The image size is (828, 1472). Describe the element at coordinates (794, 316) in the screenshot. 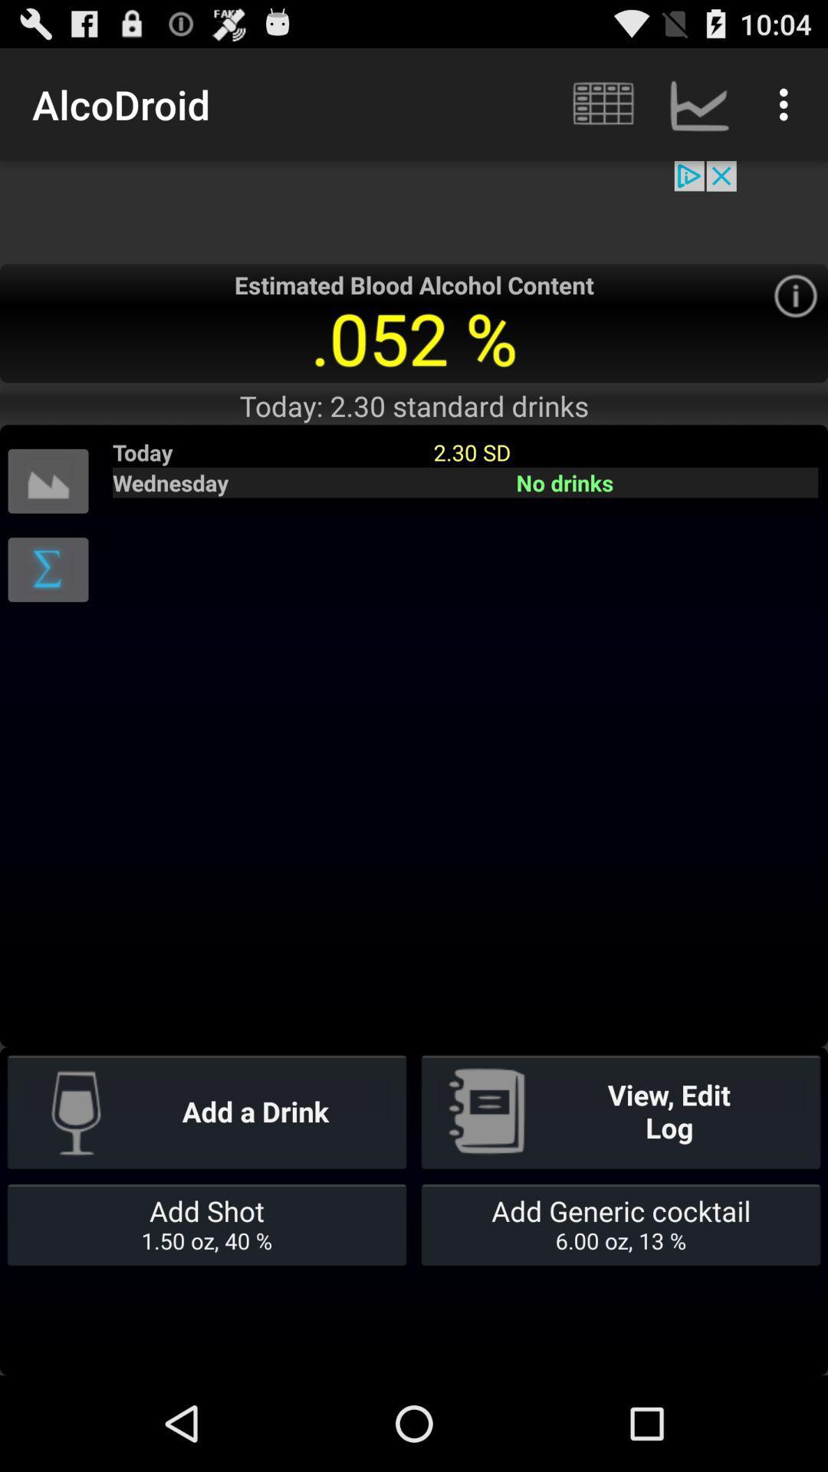

I see `the info icon` at that location.